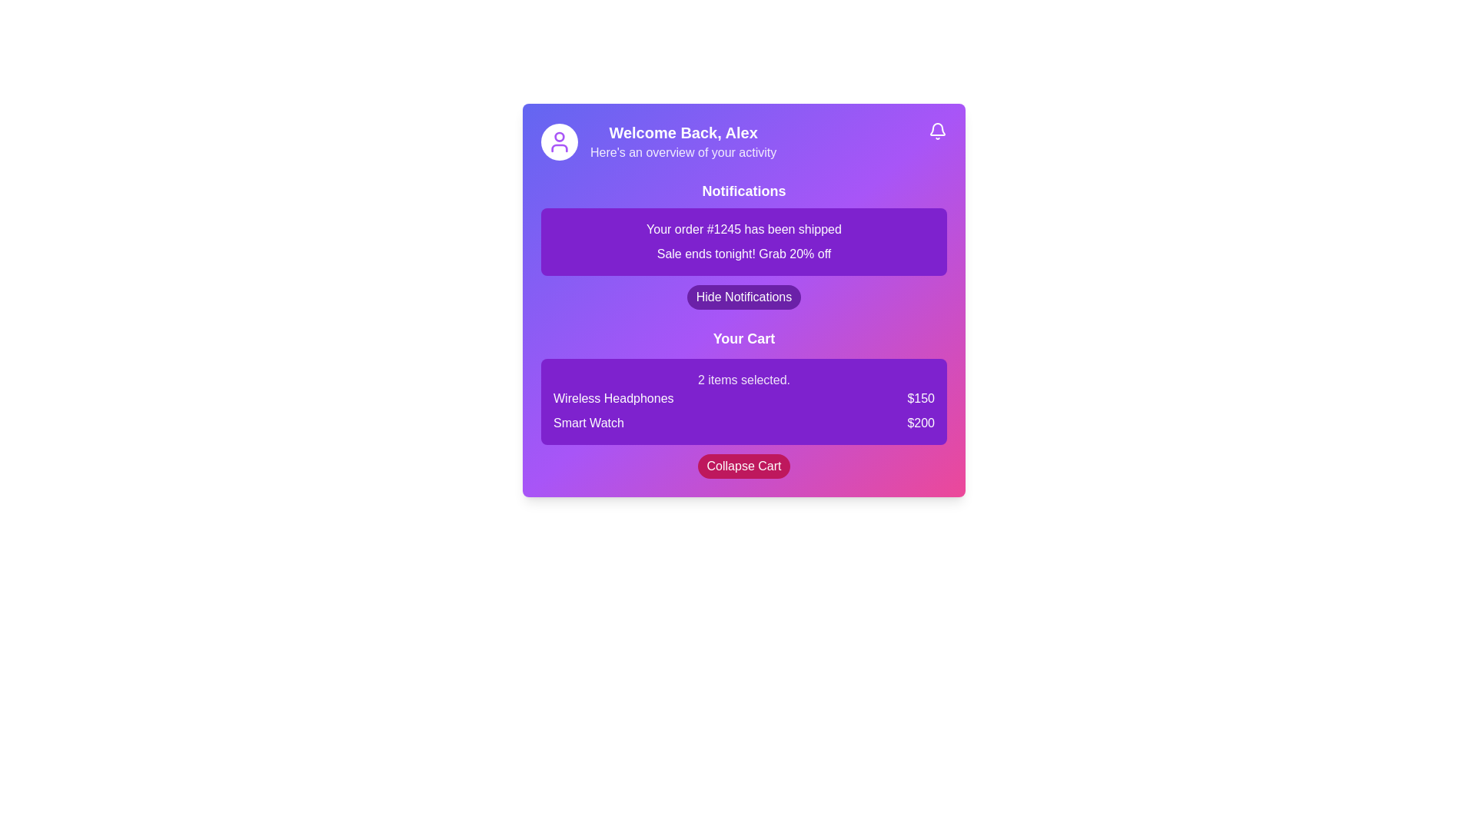 Image resolution: width=1476 pixels, height=830 pixels. Describe the element at coordinates (744, 230) in the screenshot. I see `the text label displaying the message 'Your order #1245 has been shipped', which is styled with white text on a purple background within a notification card` at that location.